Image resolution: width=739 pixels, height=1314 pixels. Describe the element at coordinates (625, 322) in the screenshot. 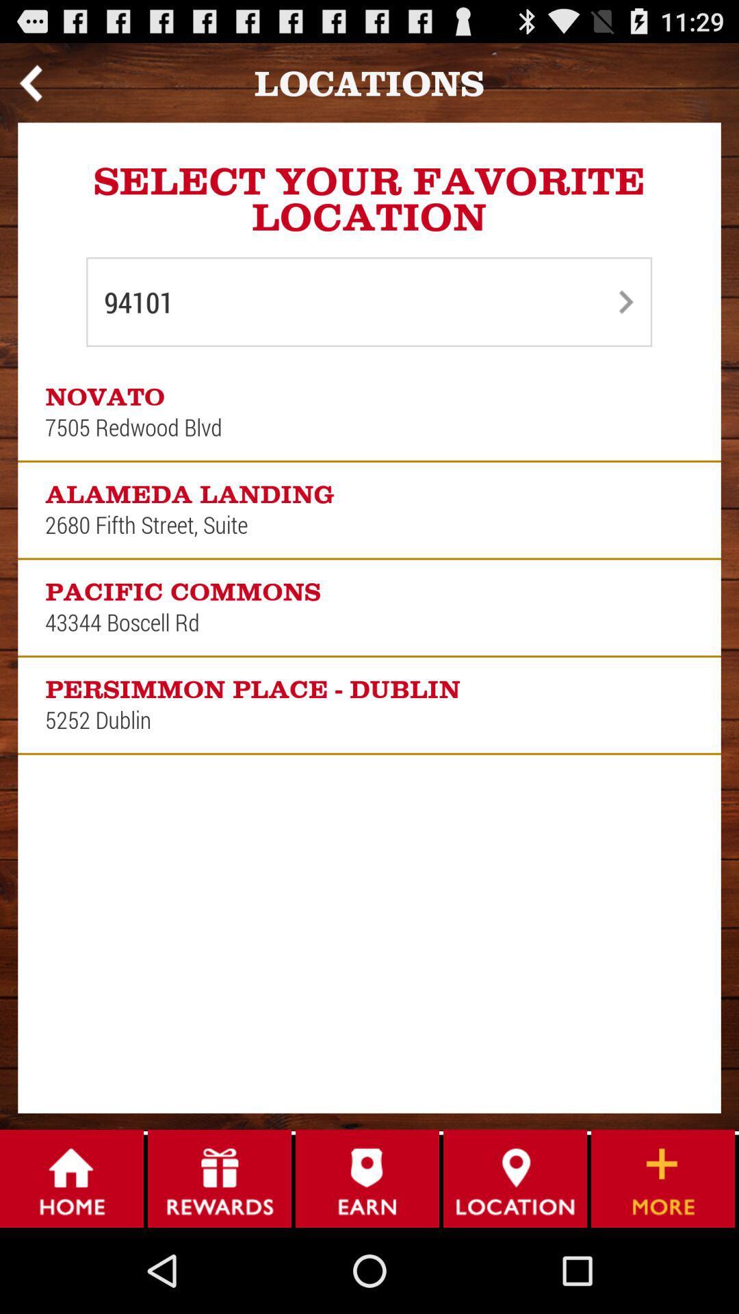

I see `the arrow_forward icon` at that location.